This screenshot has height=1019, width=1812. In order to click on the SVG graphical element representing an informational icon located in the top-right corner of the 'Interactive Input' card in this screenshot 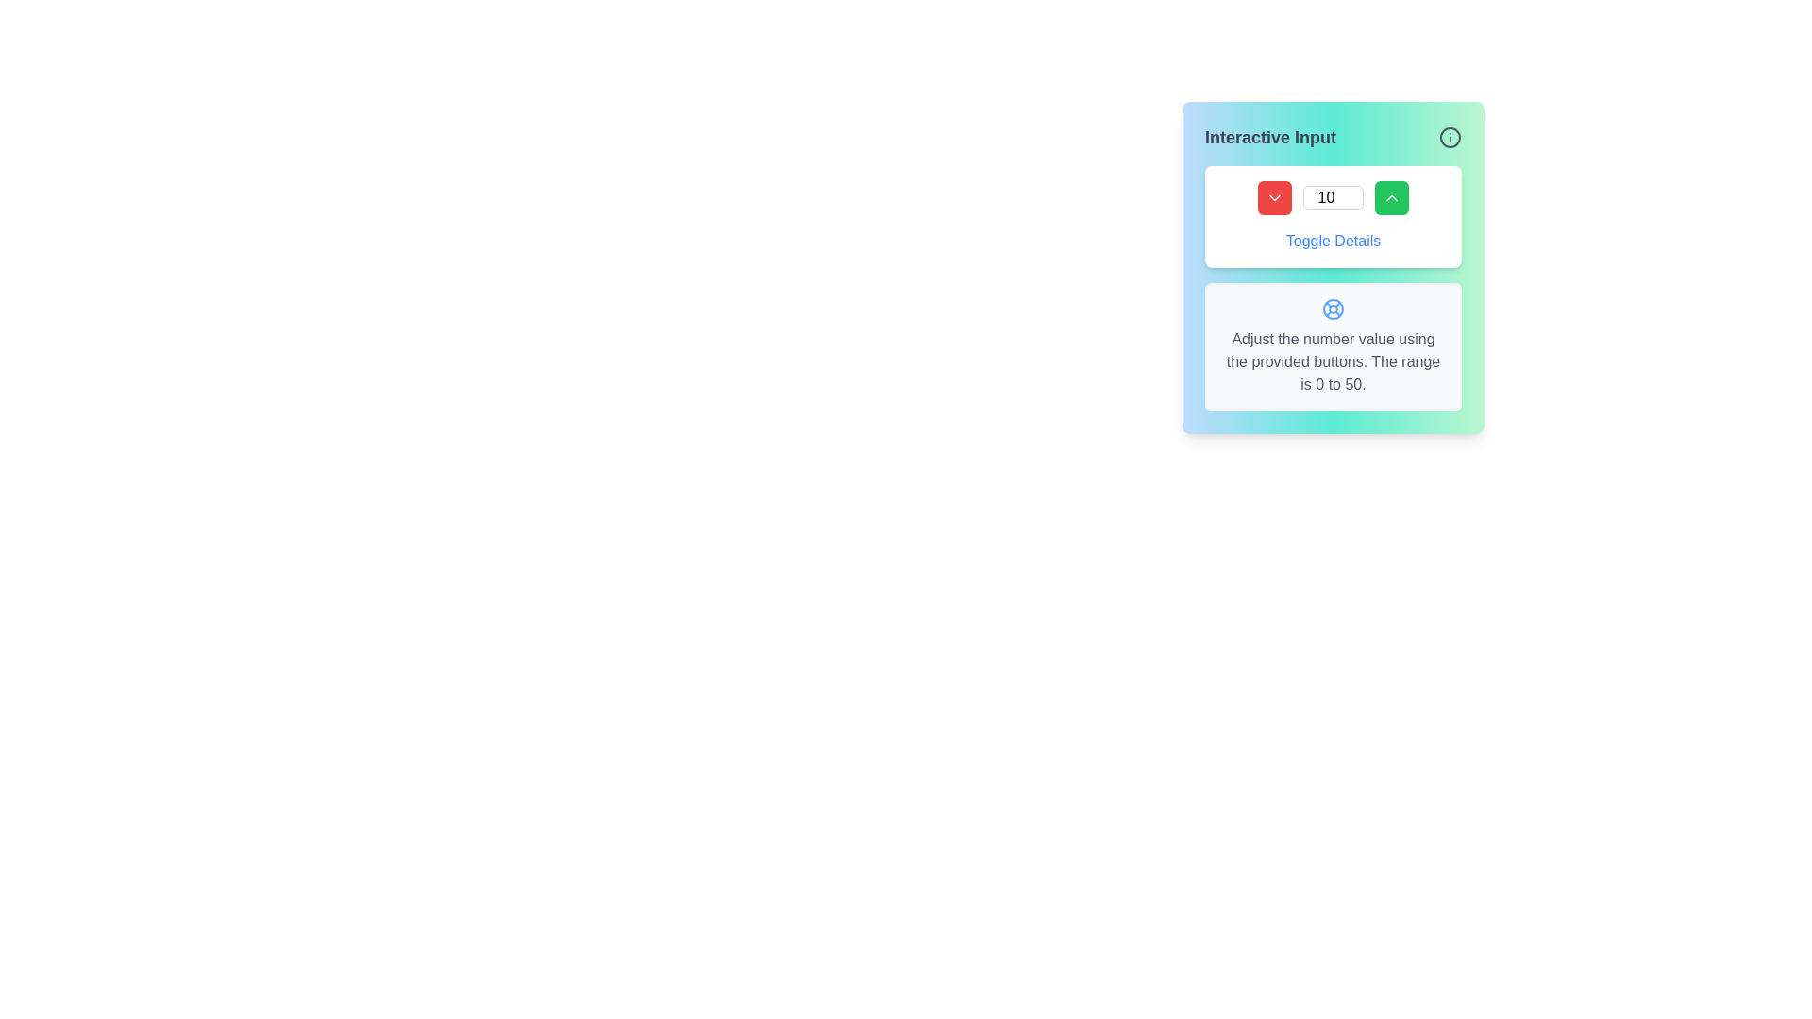, I will do `click(1449, 137)`.